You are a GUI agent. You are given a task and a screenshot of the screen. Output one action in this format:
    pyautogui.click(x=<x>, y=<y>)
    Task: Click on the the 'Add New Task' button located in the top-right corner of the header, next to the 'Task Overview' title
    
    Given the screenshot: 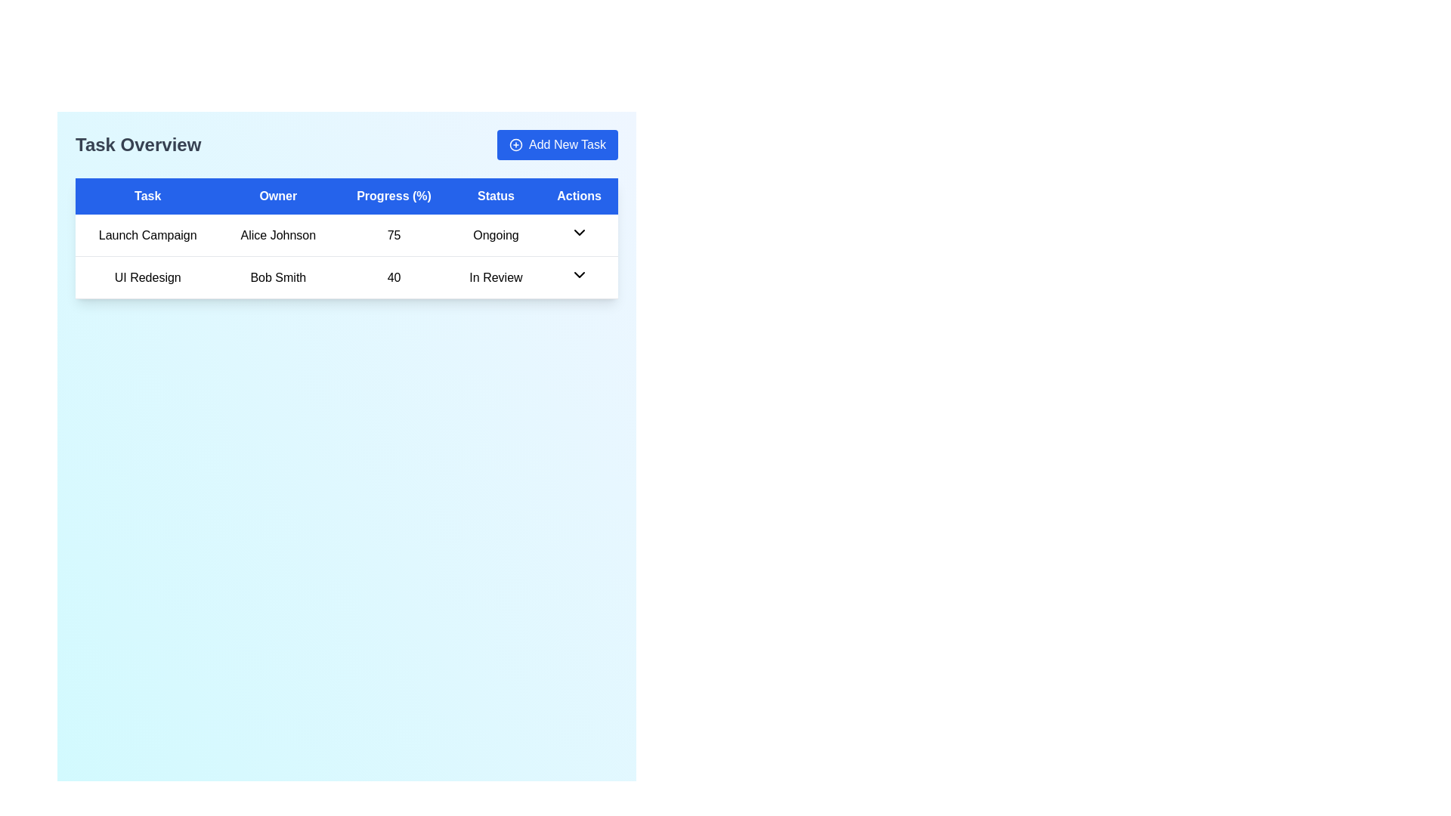 What is the action you would take?
    pyautogui.click(x=557, y=145)
    